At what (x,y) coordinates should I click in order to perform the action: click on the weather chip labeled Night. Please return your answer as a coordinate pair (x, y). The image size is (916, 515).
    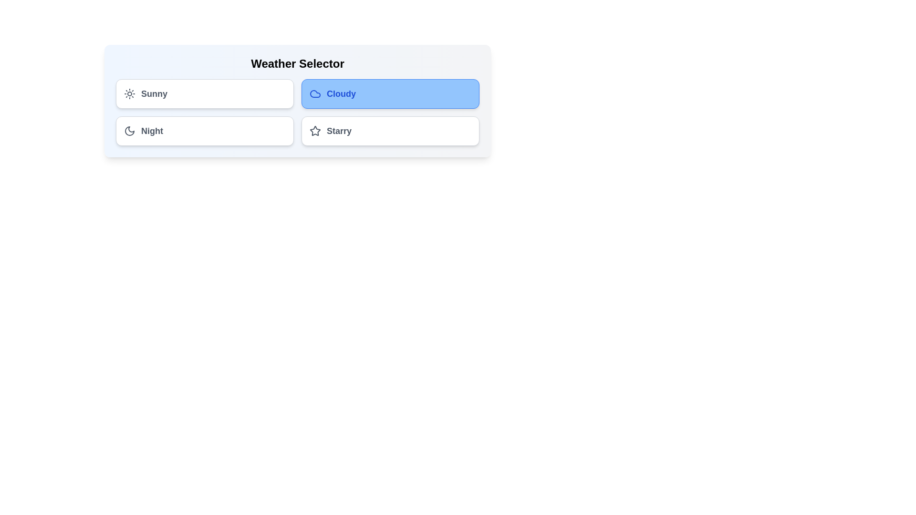
    Looking at the image, I should click on (204, 131).